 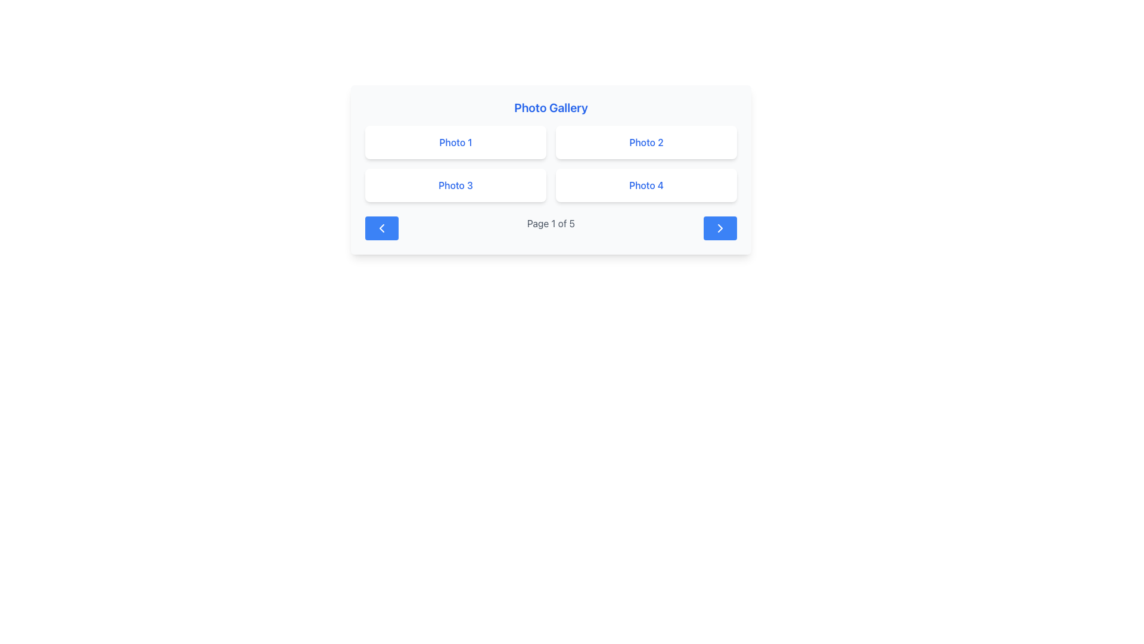 I want to click on the text label displaying the current page number and total page count, which reads 'Page 1 of 5', located in the center of the navigation bar at the bottom of the 'Photo Gallery' section, so click(x=551, y=228).